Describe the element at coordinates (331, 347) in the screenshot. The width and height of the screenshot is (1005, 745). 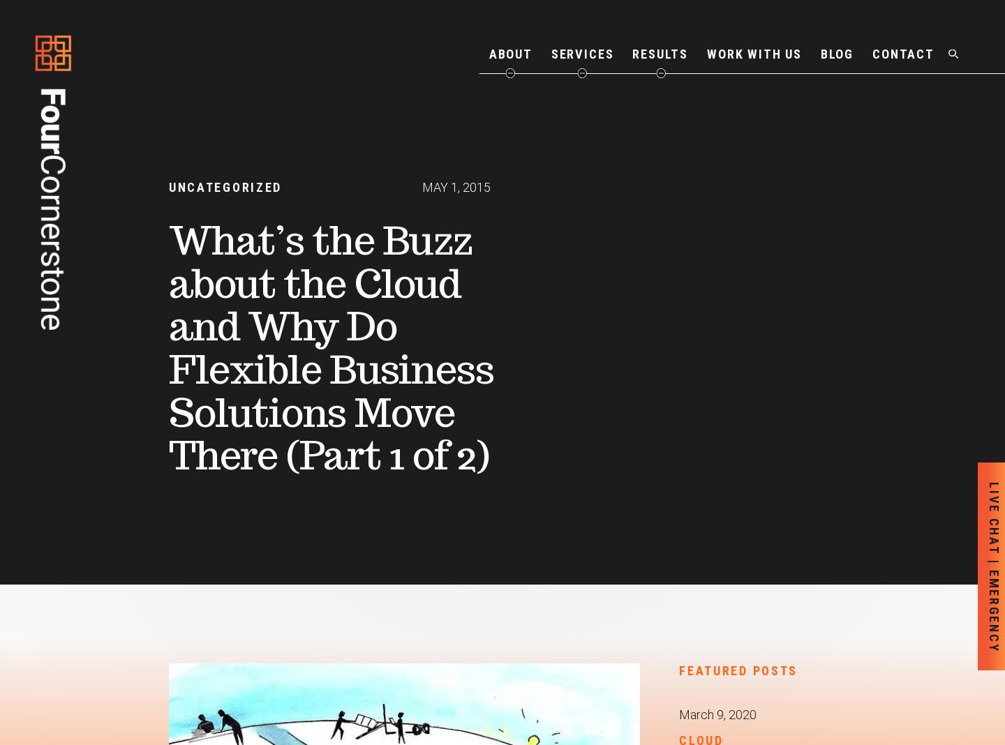
I see `'What’s the Buzz about the Cloud and Why Do Flexible Business Solutions Move There (Part 1 of 2)'` at that location.